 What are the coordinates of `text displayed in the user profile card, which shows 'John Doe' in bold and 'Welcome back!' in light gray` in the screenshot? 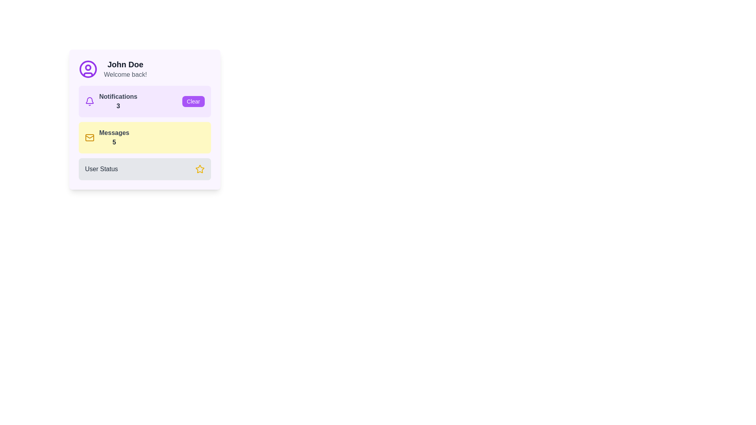 It's located at (125, 69).